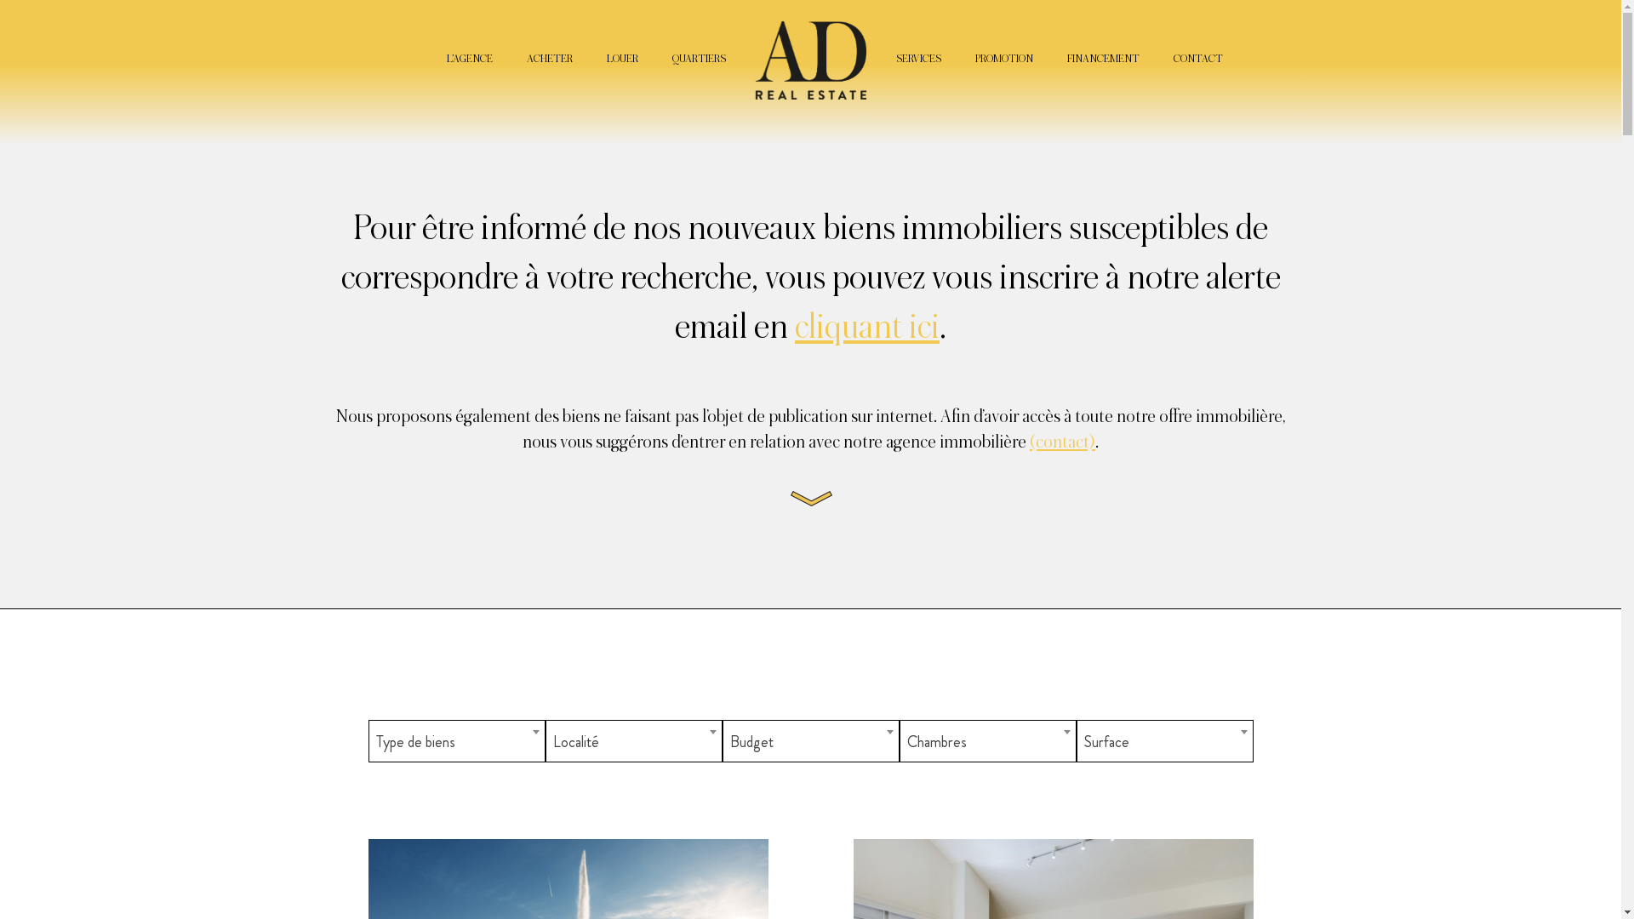 The image size is (1634, 919). I want to click on 'CONTACT', so click(1171, 58).